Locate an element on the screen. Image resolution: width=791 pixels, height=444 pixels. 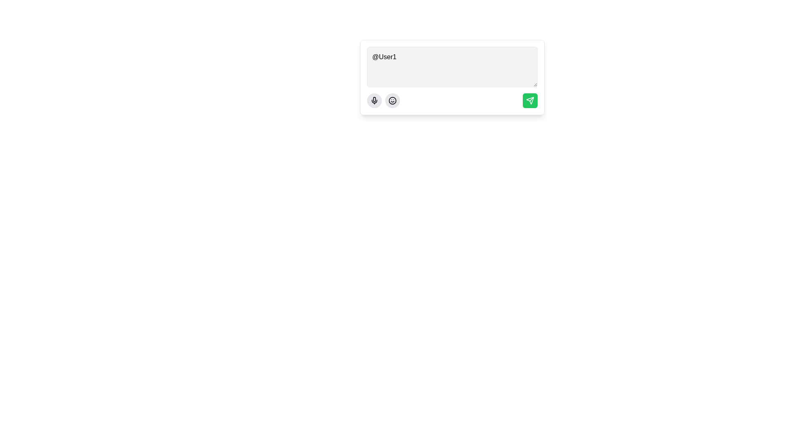
the main circular outline of the smiley icon located to the left of the input text area in the chat interface is located at coordinates (392, 100).